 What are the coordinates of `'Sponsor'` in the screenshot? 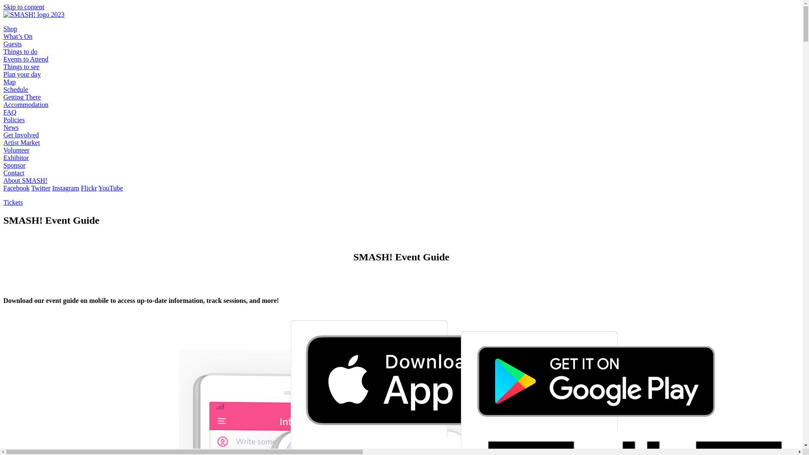 It's located at (14, 165).